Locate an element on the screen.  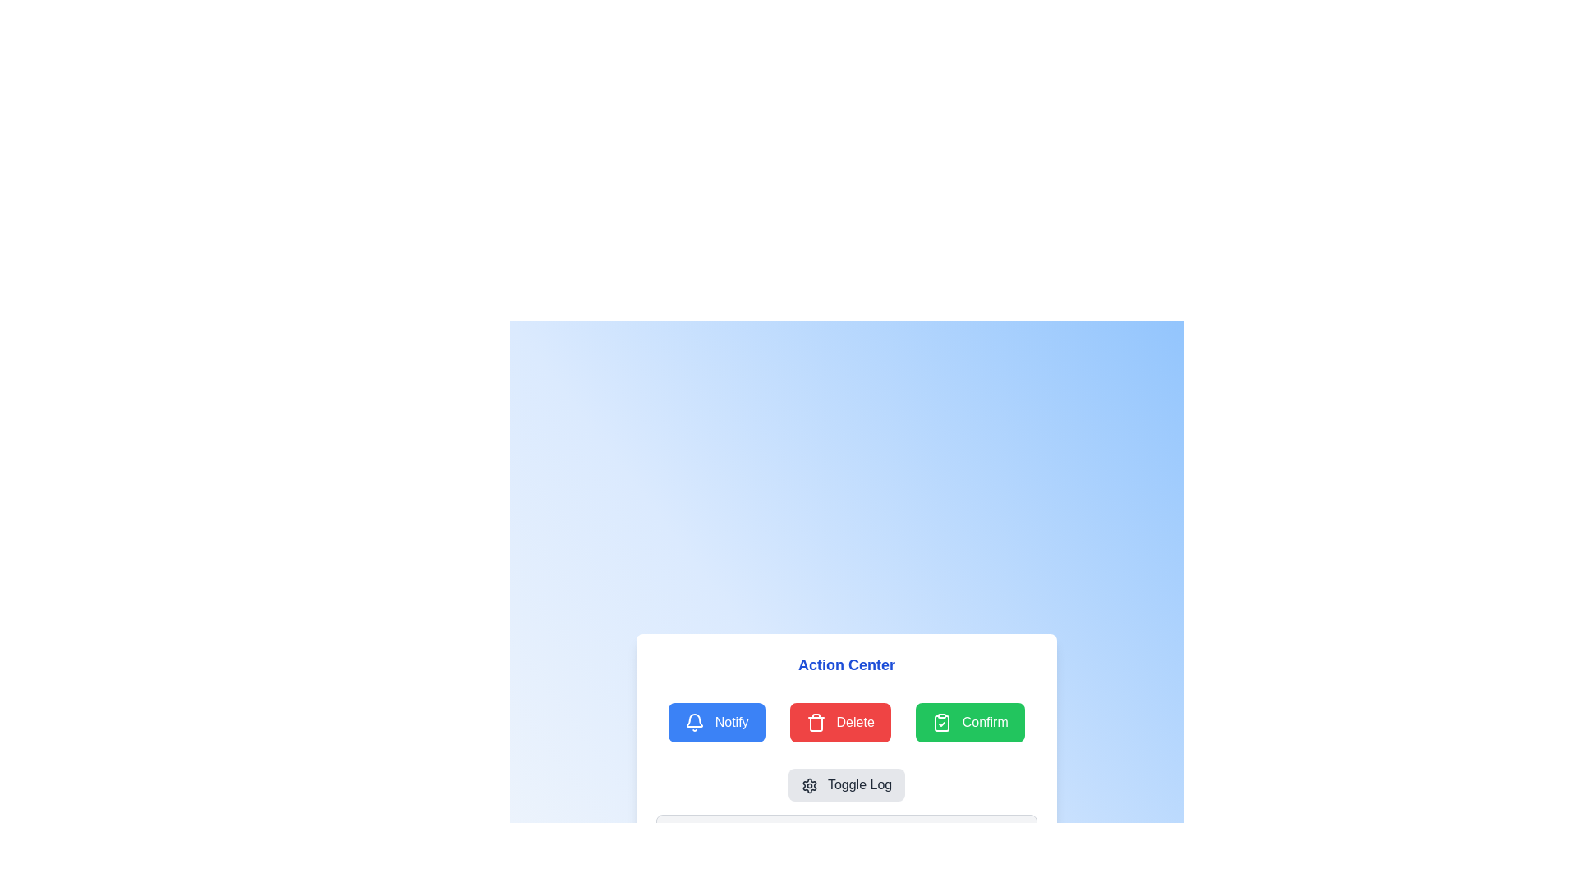
the light blue notification bell icon located to the left of the 'Notify' text within the blue rectangular button at the upper section of the interface is located at coordinates (695, 722).